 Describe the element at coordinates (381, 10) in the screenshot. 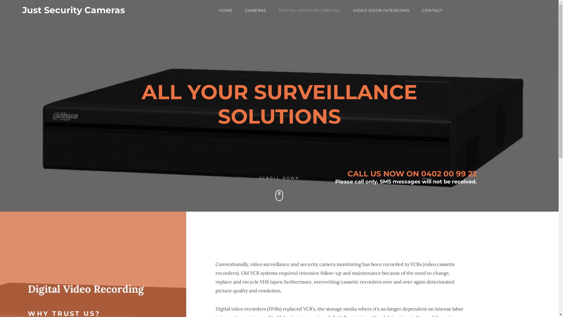

I see `'VIDEO DOOR INTERCOMS'` at that location.